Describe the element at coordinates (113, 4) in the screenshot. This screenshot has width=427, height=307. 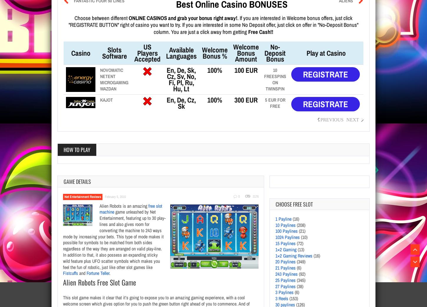
I see `'3125 Paylines'` at that location.